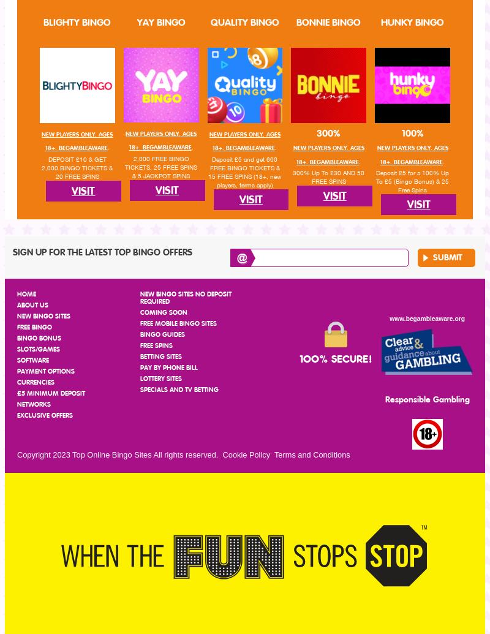 The height and width of the screenshot is (634, 490). Describe the element at coordinates (160, 22) in the screenshot. I see `'Yay Bingo'` at that location.